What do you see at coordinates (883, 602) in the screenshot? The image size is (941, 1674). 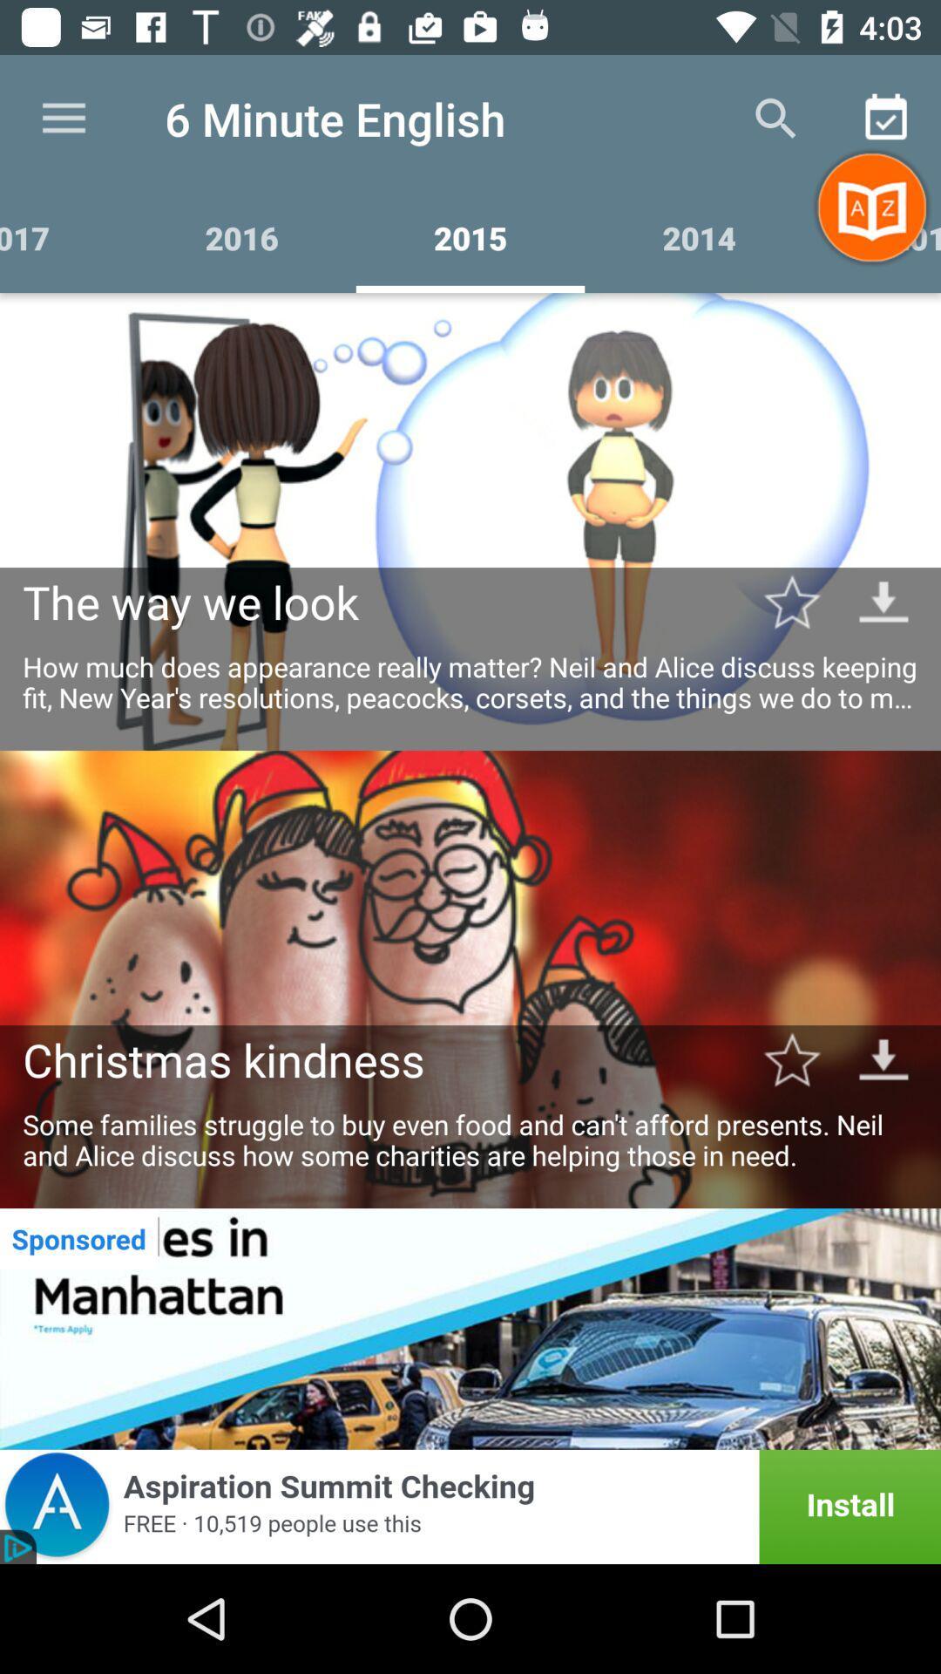 I see `downlodaing` at bounding box center [883, 602].